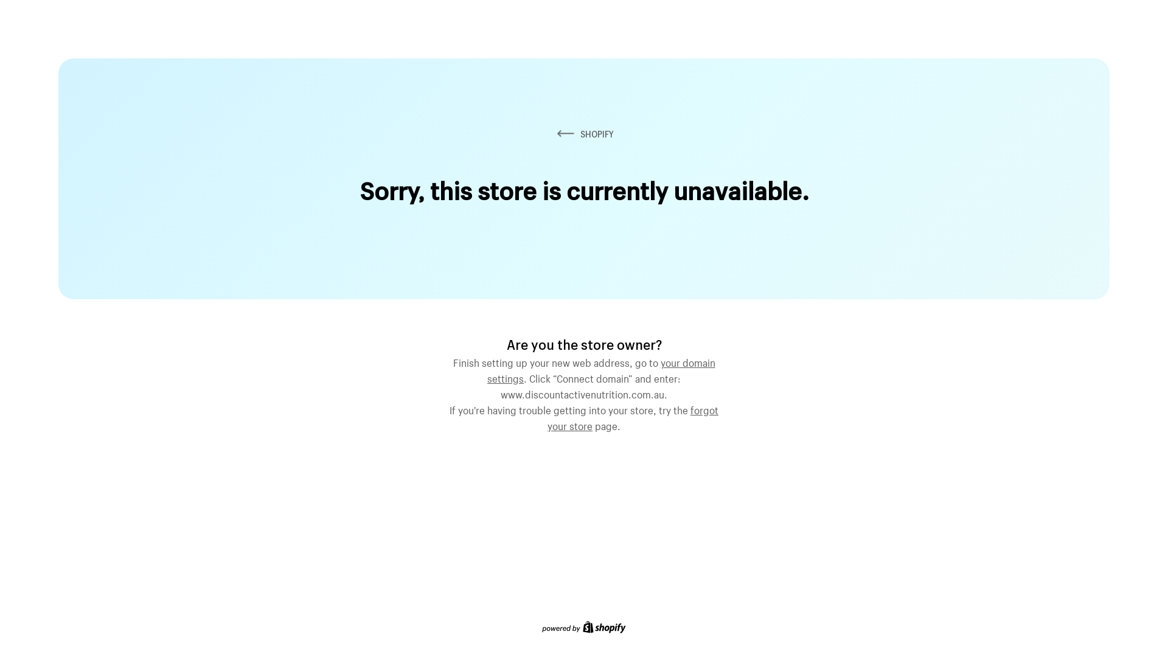 The image size is (1168, 657). Describe the element at coordinates (633, 416) in the screenshot. I see `'forgot your store'` at that location.